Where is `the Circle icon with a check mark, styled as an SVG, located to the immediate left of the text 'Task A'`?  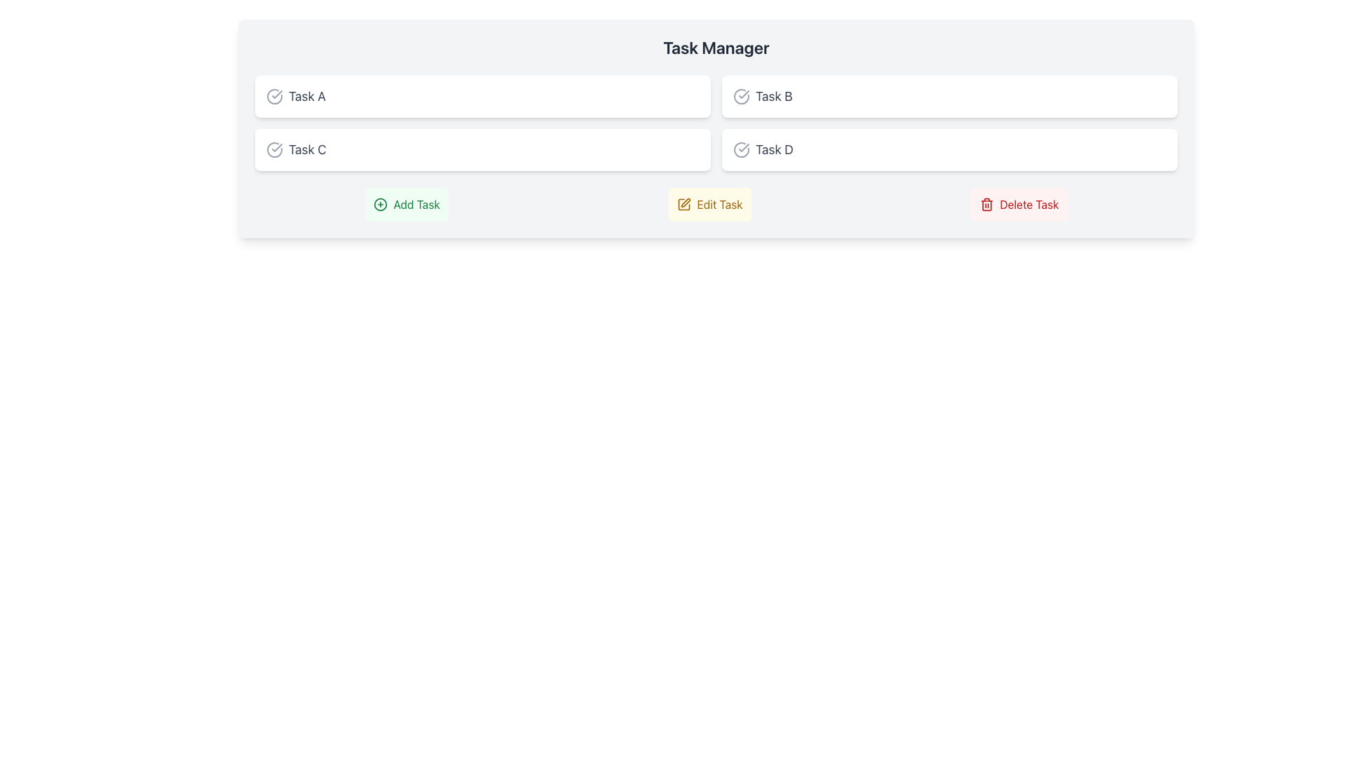
the Circle icon with a check mark, styled as an SVG, located to the immediate left of the text 'Task A' is located at coordinates (275, 96).